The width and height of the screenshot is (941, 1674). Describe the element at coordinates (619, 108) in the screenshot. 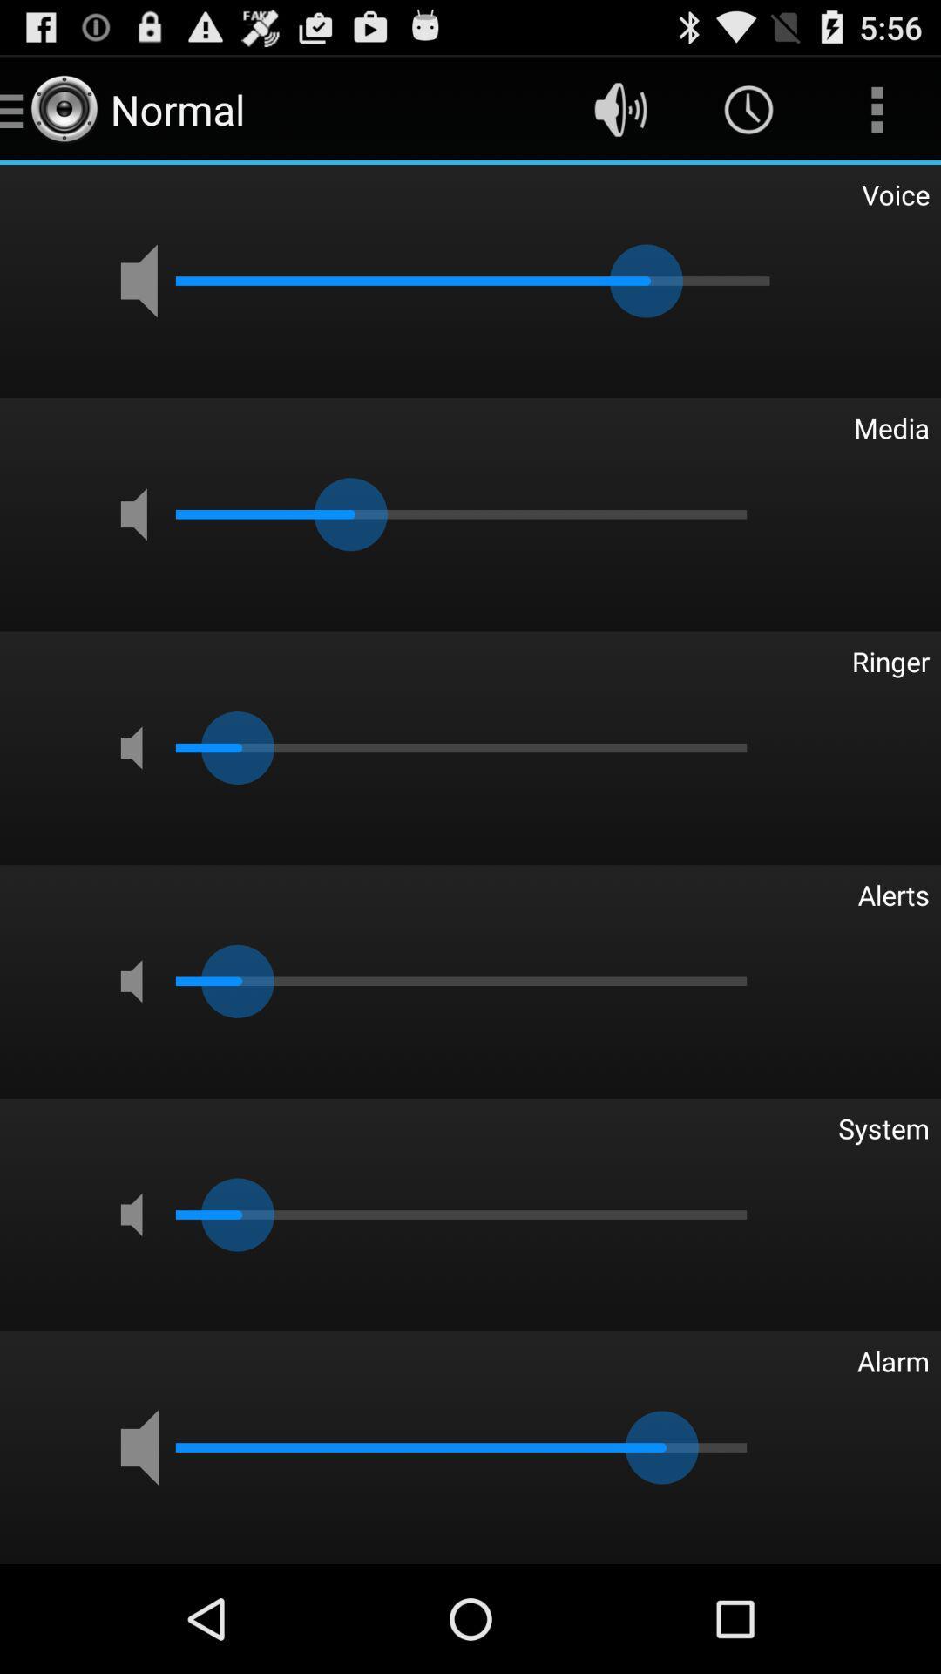

I see `item next to the normal icon` at that location.